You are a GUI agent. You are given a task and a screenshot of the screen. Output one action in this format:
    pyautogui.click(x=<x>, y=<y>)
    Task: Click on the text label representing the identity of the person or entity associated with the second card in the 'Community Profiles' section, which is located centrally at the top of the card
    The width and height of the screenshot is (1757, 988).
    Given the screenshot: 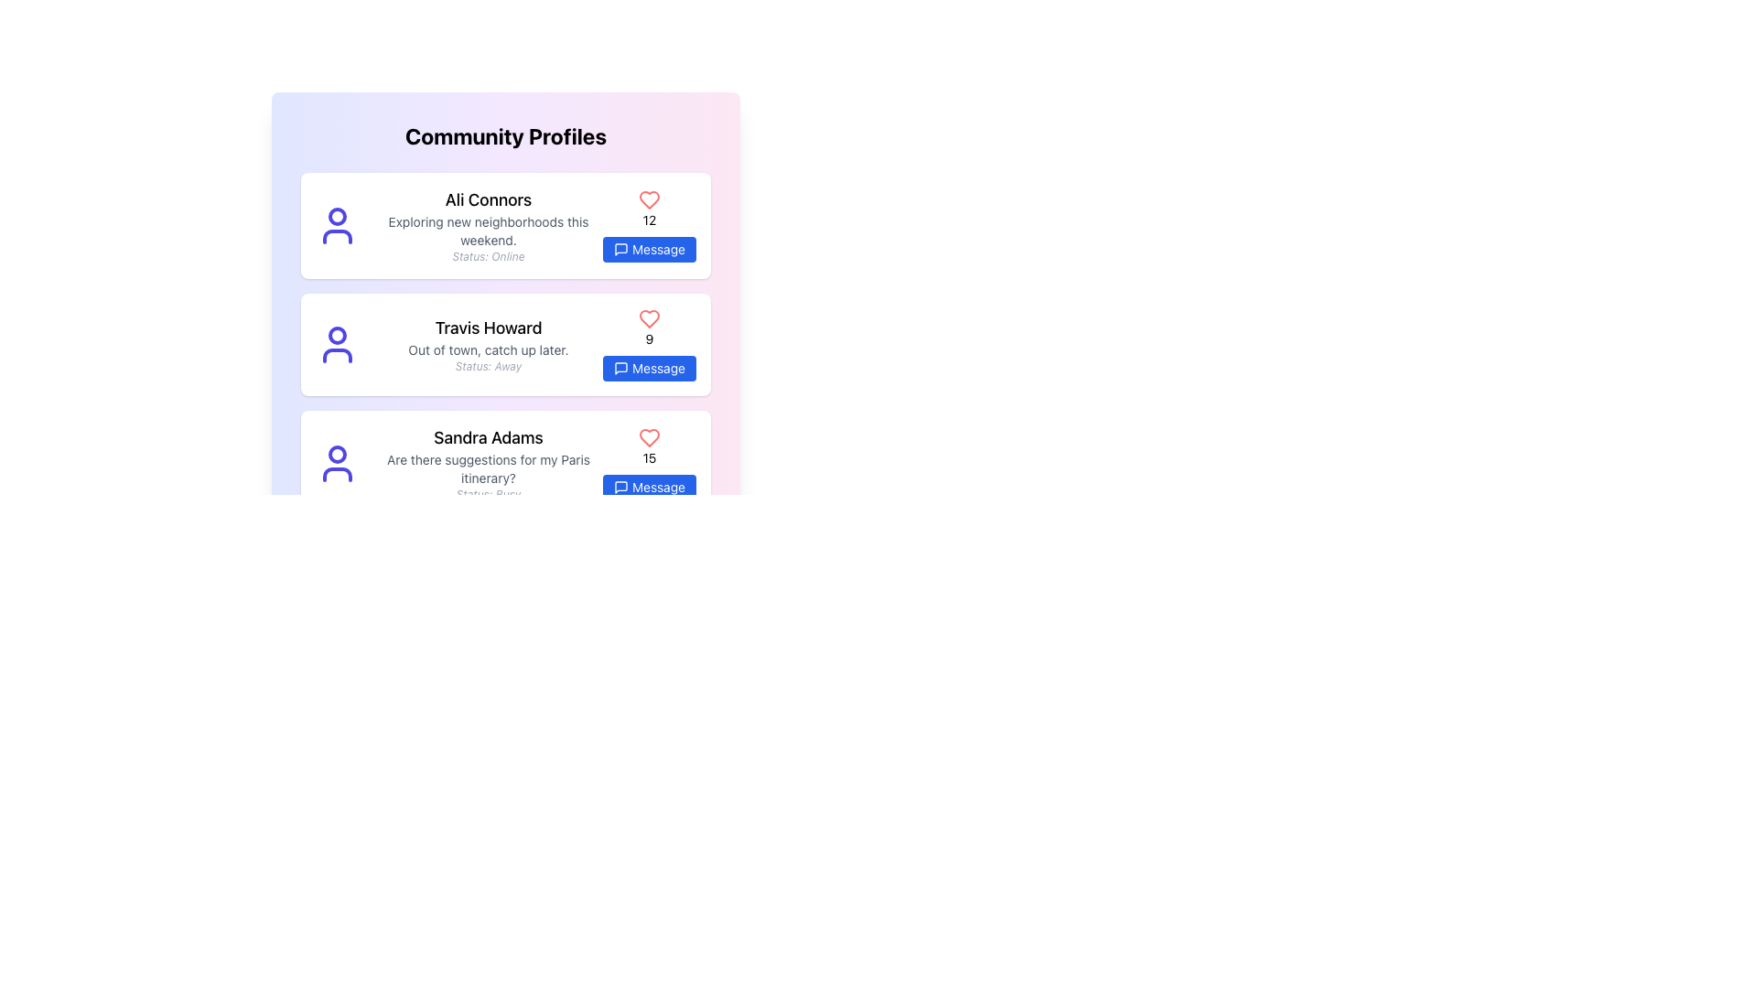 What is the action you would take?
    pyautogui.click(x=488, y=327)
    